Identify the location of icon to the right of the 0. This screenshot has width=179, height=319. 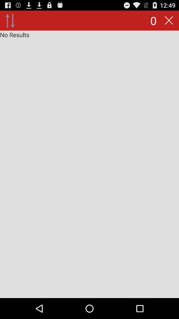
(169, 20).